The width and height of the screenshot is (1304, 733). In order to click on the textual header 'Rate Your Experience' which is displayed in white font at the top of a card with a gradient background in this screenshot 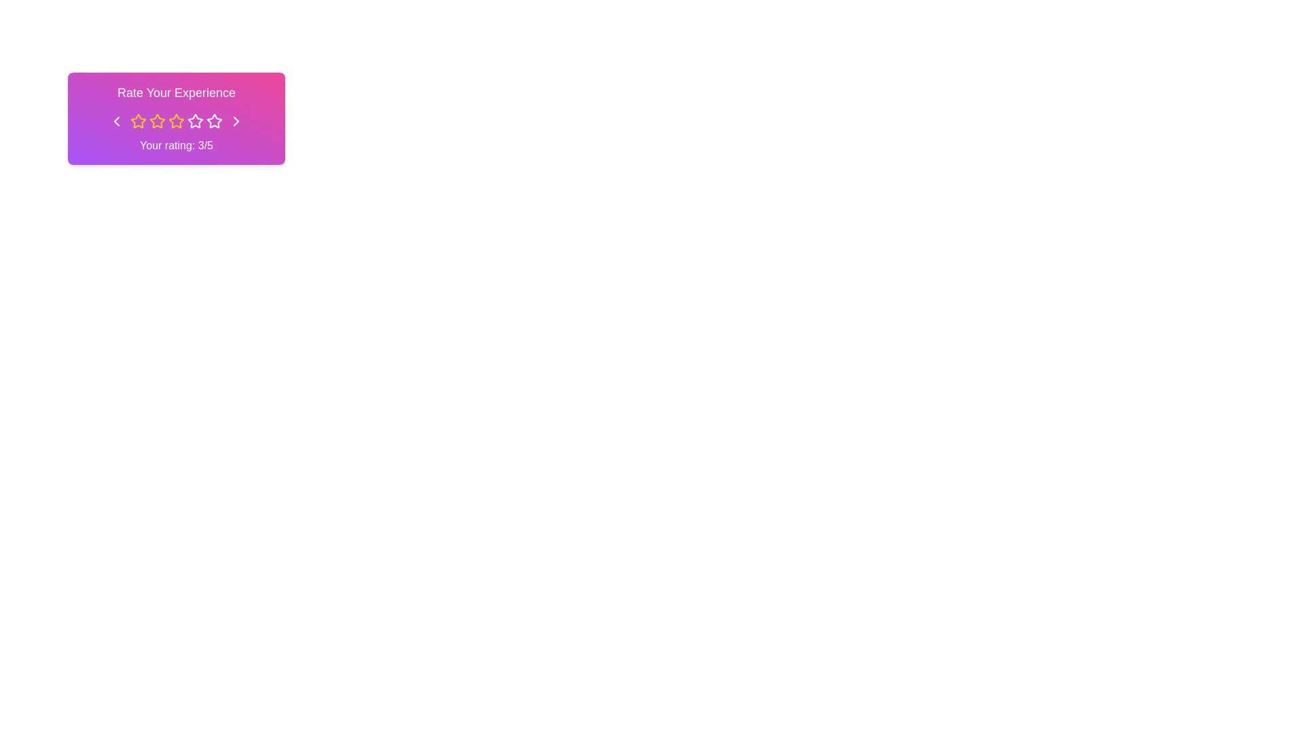, I will do `click(175, 92)`.